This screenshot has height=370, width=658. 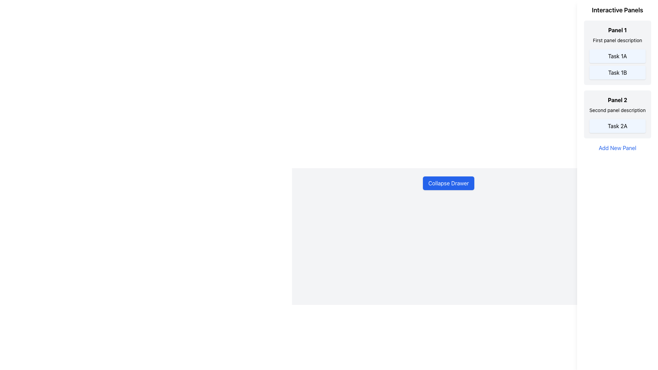 I want to click on the button labeled 'Task 1B' with a light blue background, so click(x=617, y=73).